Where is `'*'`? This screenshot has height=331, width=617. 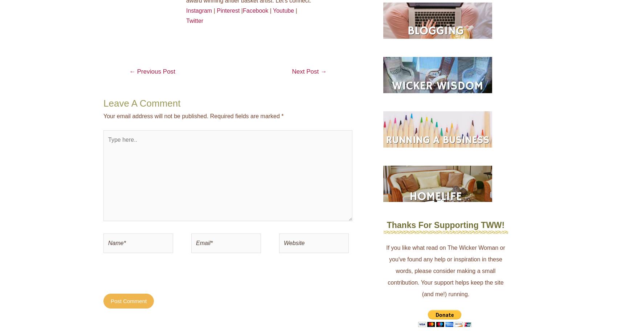 '*' is located at coordinates (282, 115).